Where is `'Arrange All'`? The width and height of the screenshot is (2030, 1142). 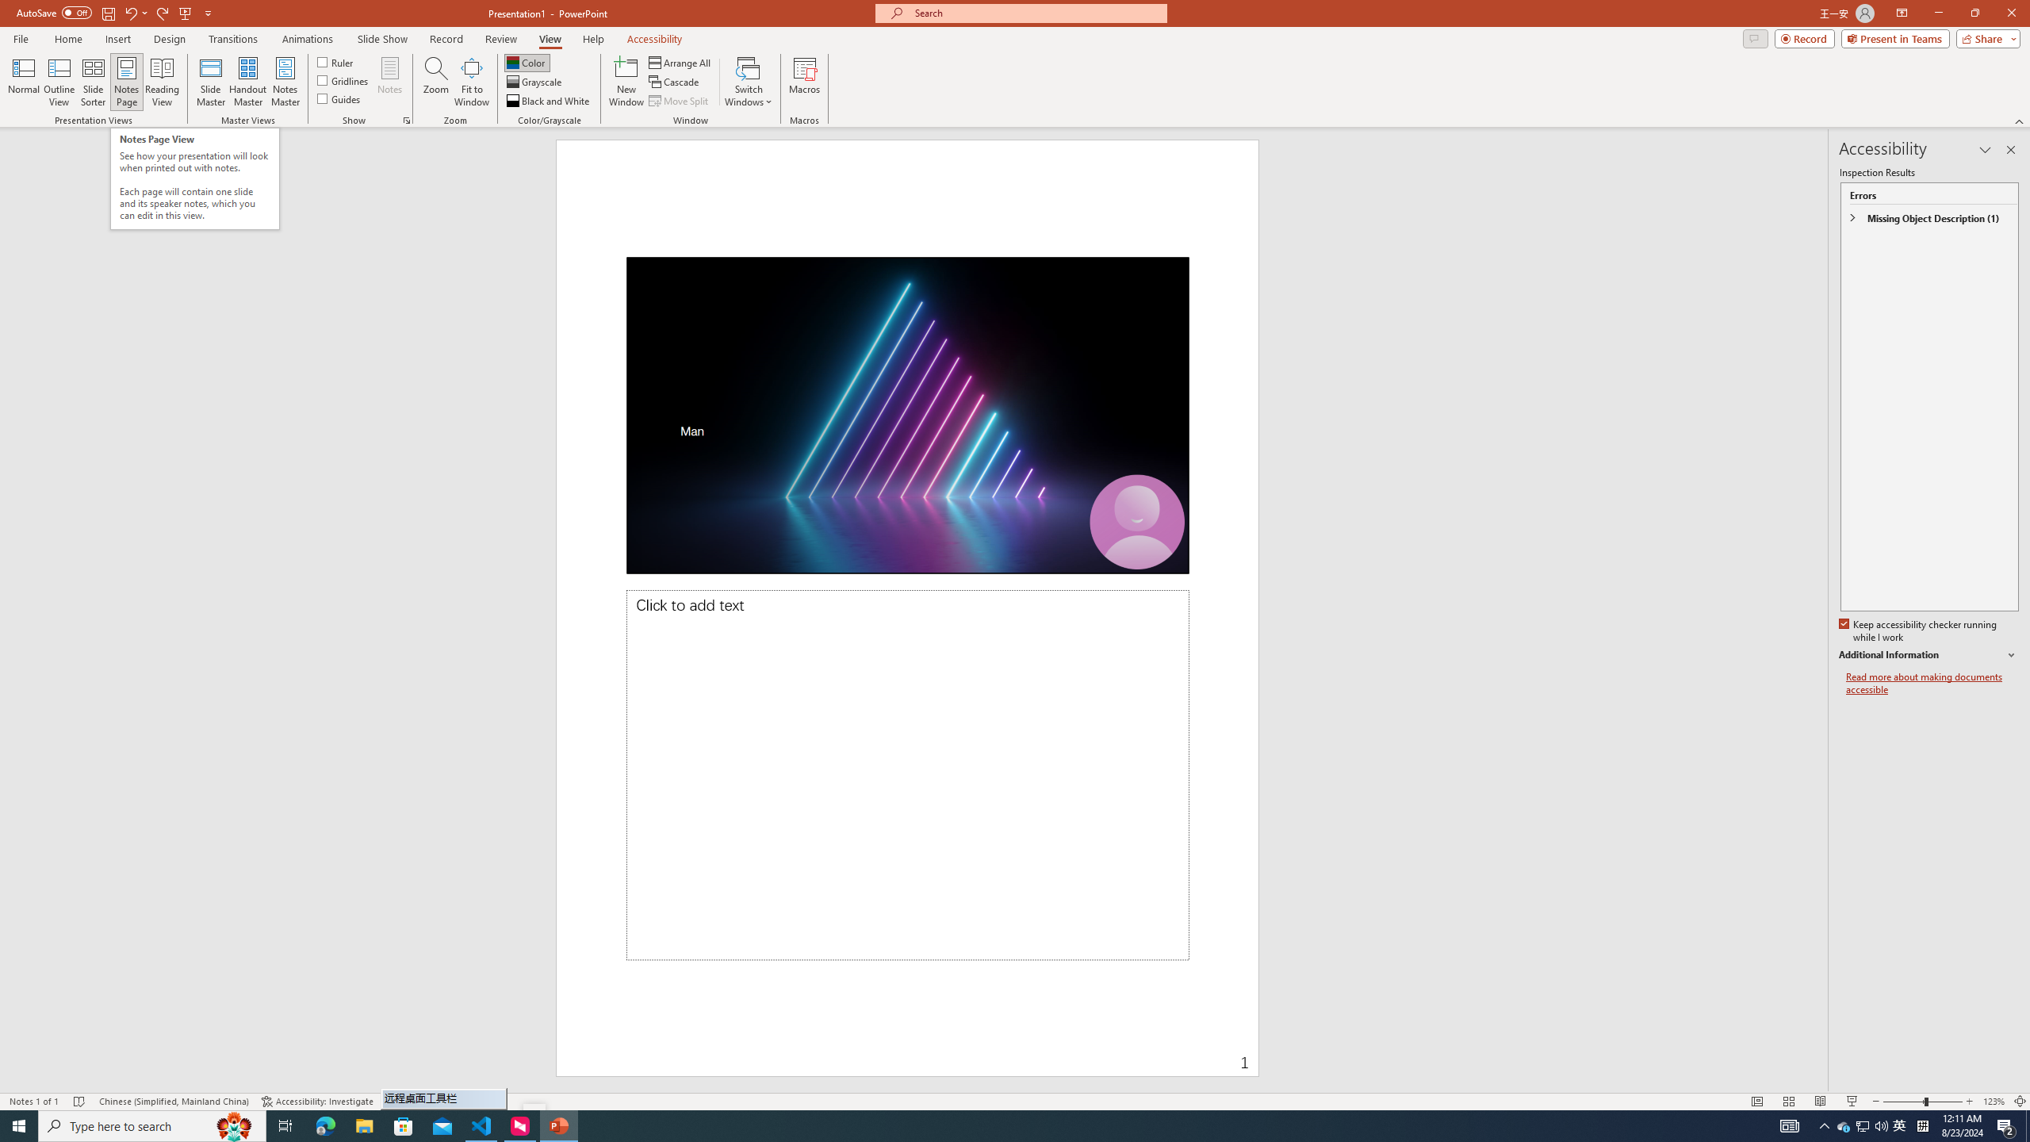
'Arrange All' is located at coordinates (680, 62).